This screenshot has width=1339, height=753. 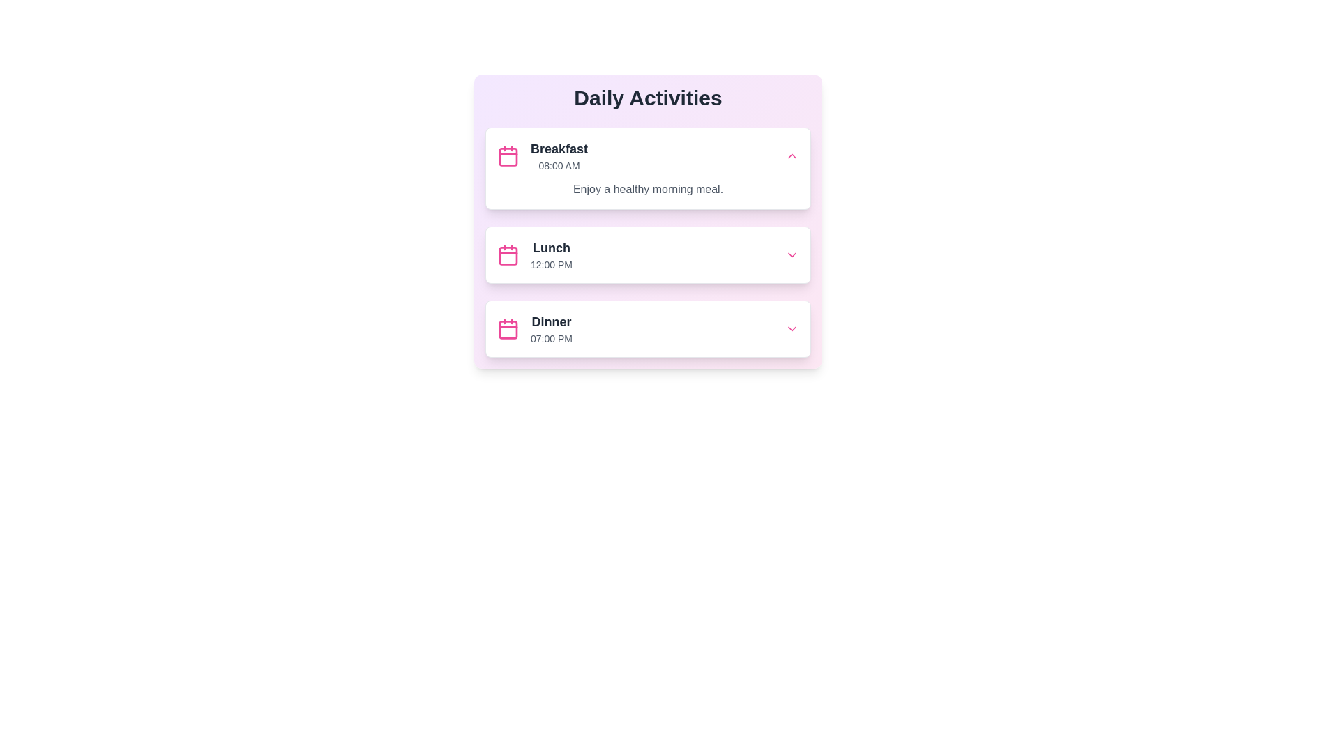 I want to click on the Text Label indicating the scheduled time for the 'Lunch' activity, located in the second box under 'Daily Activities', so click(x=551, y=265).